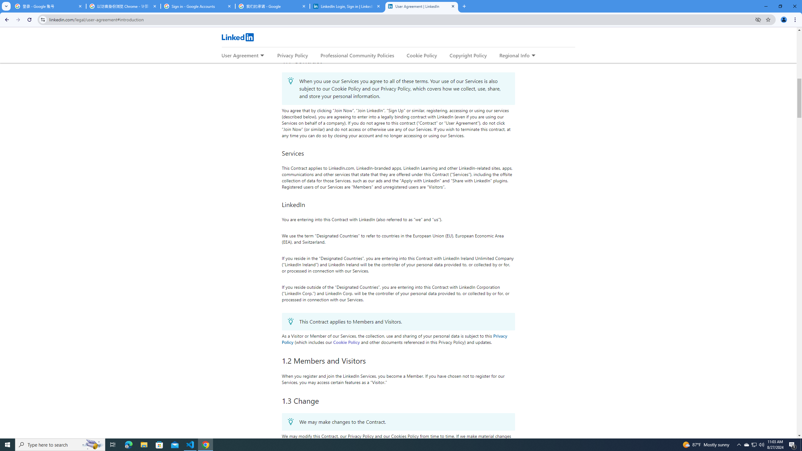 This screenshot has height=451, width=802. Describe the element at coordinates (533, 55) in the screenshot. I see `'Expand to show more links for Regional Info'` at that location.